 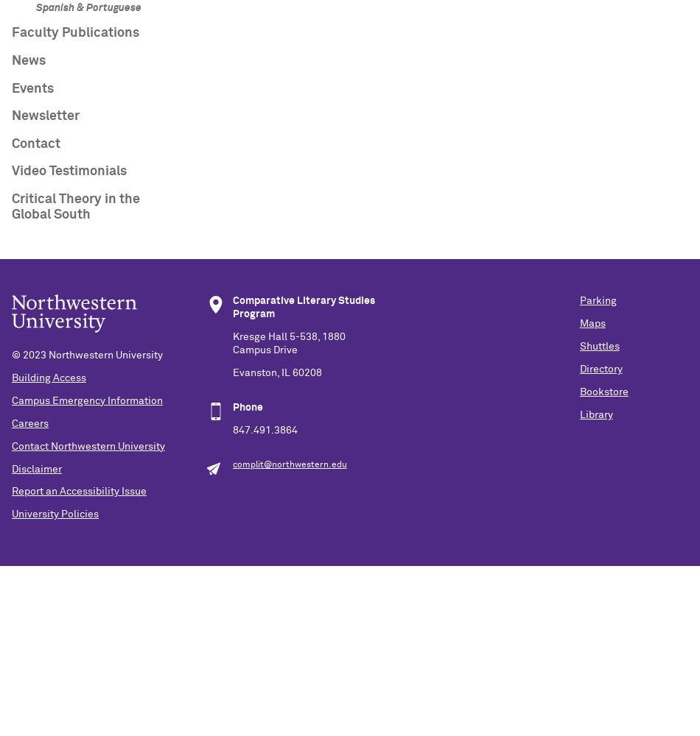 What do you see at coordinates (598, 346) in the screenshot?
I see `'Shuttles'` at bounding box center [598, 346].